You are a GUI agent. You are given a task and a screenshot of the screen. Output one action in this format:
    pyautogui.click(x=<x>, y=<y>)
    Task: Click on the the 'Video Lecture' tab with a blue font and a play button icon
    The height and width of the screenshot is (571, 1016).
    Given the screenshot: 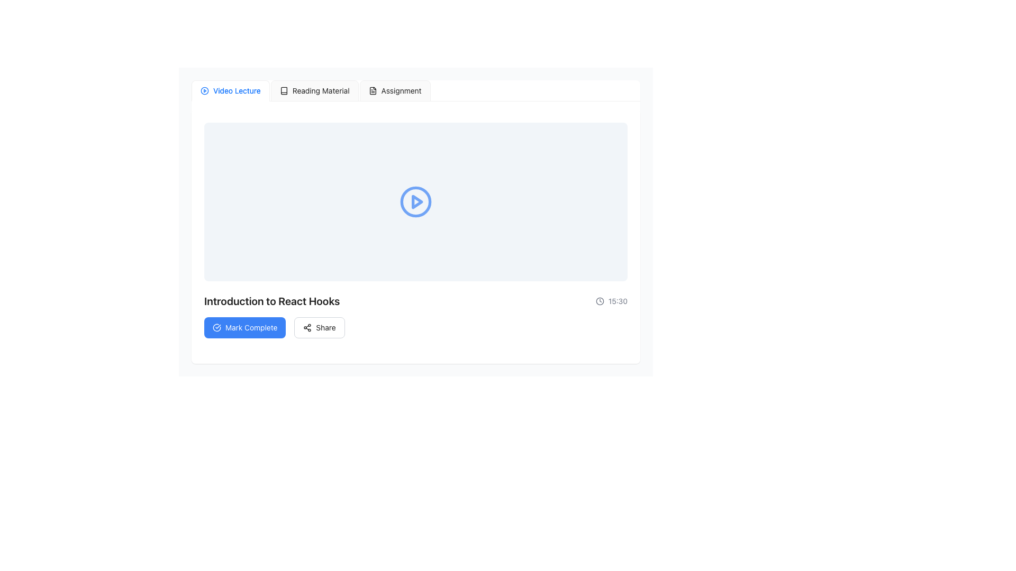 What is the action you would take?
    pyautogui.click(x=230, y=90)
    